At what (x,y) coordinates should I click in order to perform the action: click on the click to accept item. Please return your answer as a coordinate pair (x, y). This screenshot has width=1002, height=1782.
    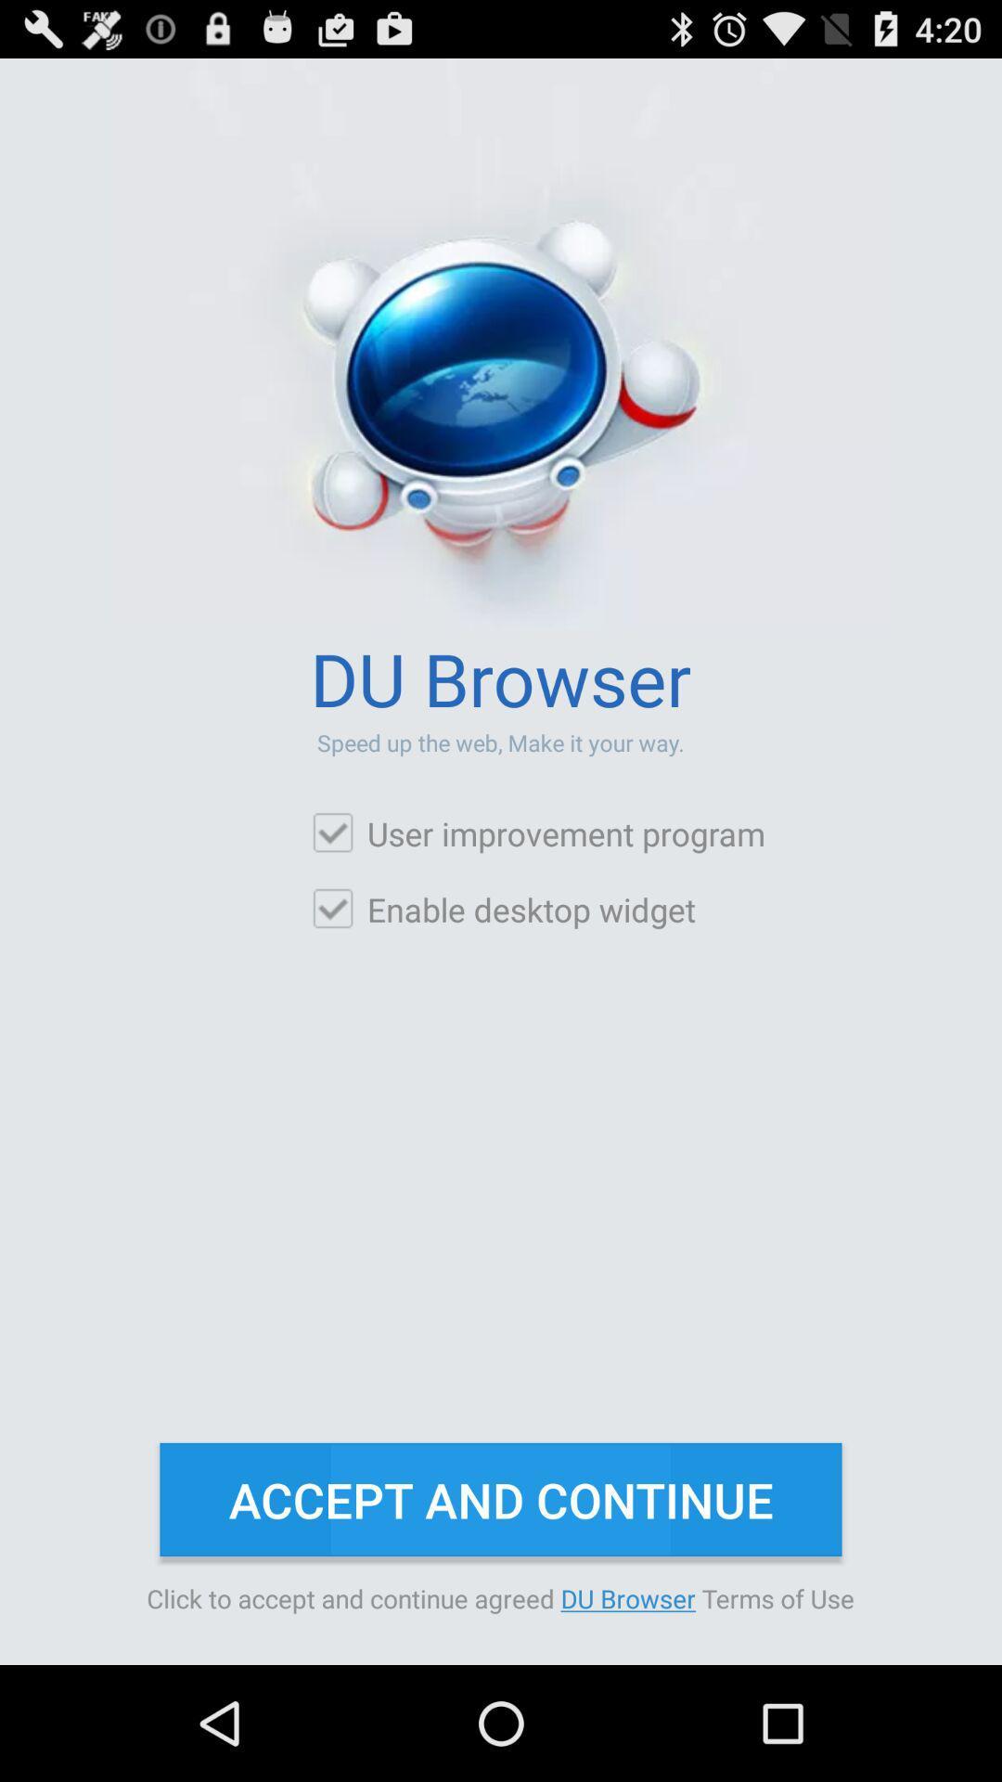
    Looking at the image, I should click on (499, 1597).